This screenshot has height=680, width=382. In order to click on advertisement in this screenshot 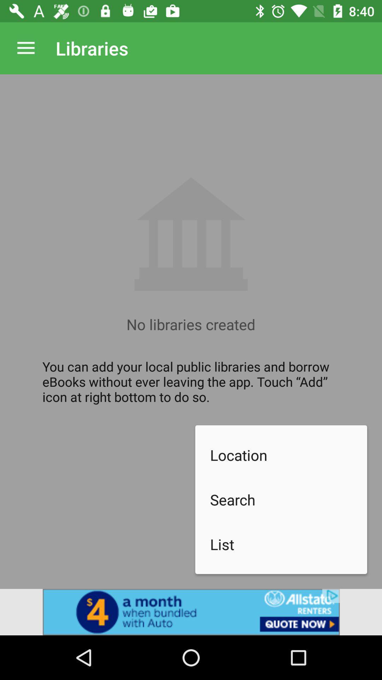, I will do `click(191, 612)`.